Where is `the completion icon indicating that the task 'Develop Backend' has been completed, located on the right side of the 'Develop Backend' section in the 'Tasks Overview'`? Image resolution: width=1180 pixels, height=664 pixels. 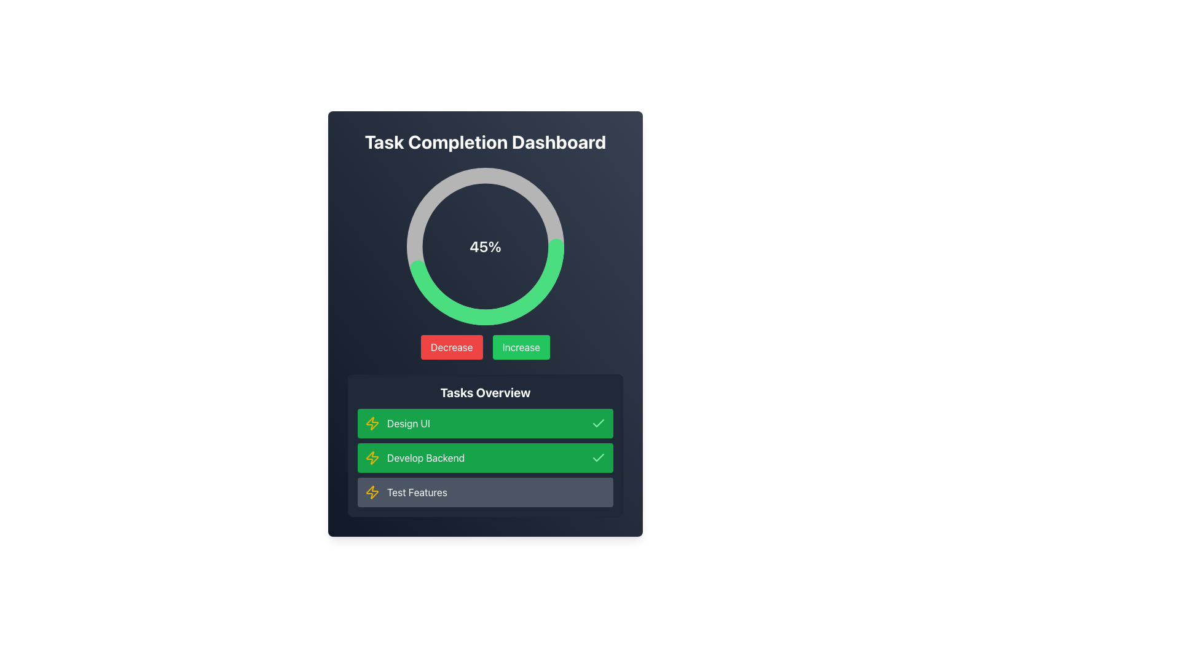
the completion icon indicating that the task 'Develop Backend' has been completed, located on the right side of the 'Develop Backend' section in the 'Tasks Overview' is located at coordinates (599, 457).